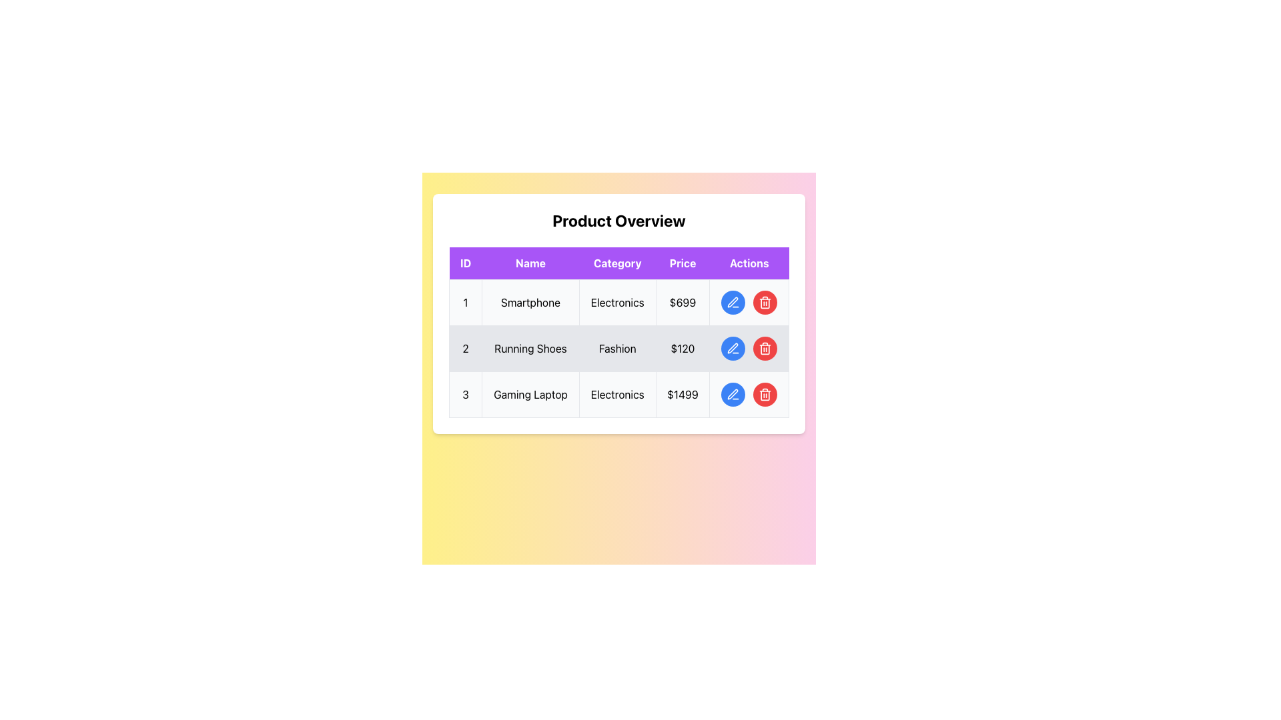  What do you see at coordinates (732, 393) in the screenshot?
I see `the icon button resembling a pen or pencil in the 'Actions' column of the third row in the table under 'Product Overview' to possibly reveal a tooltip` at bounding box center [732, 393].